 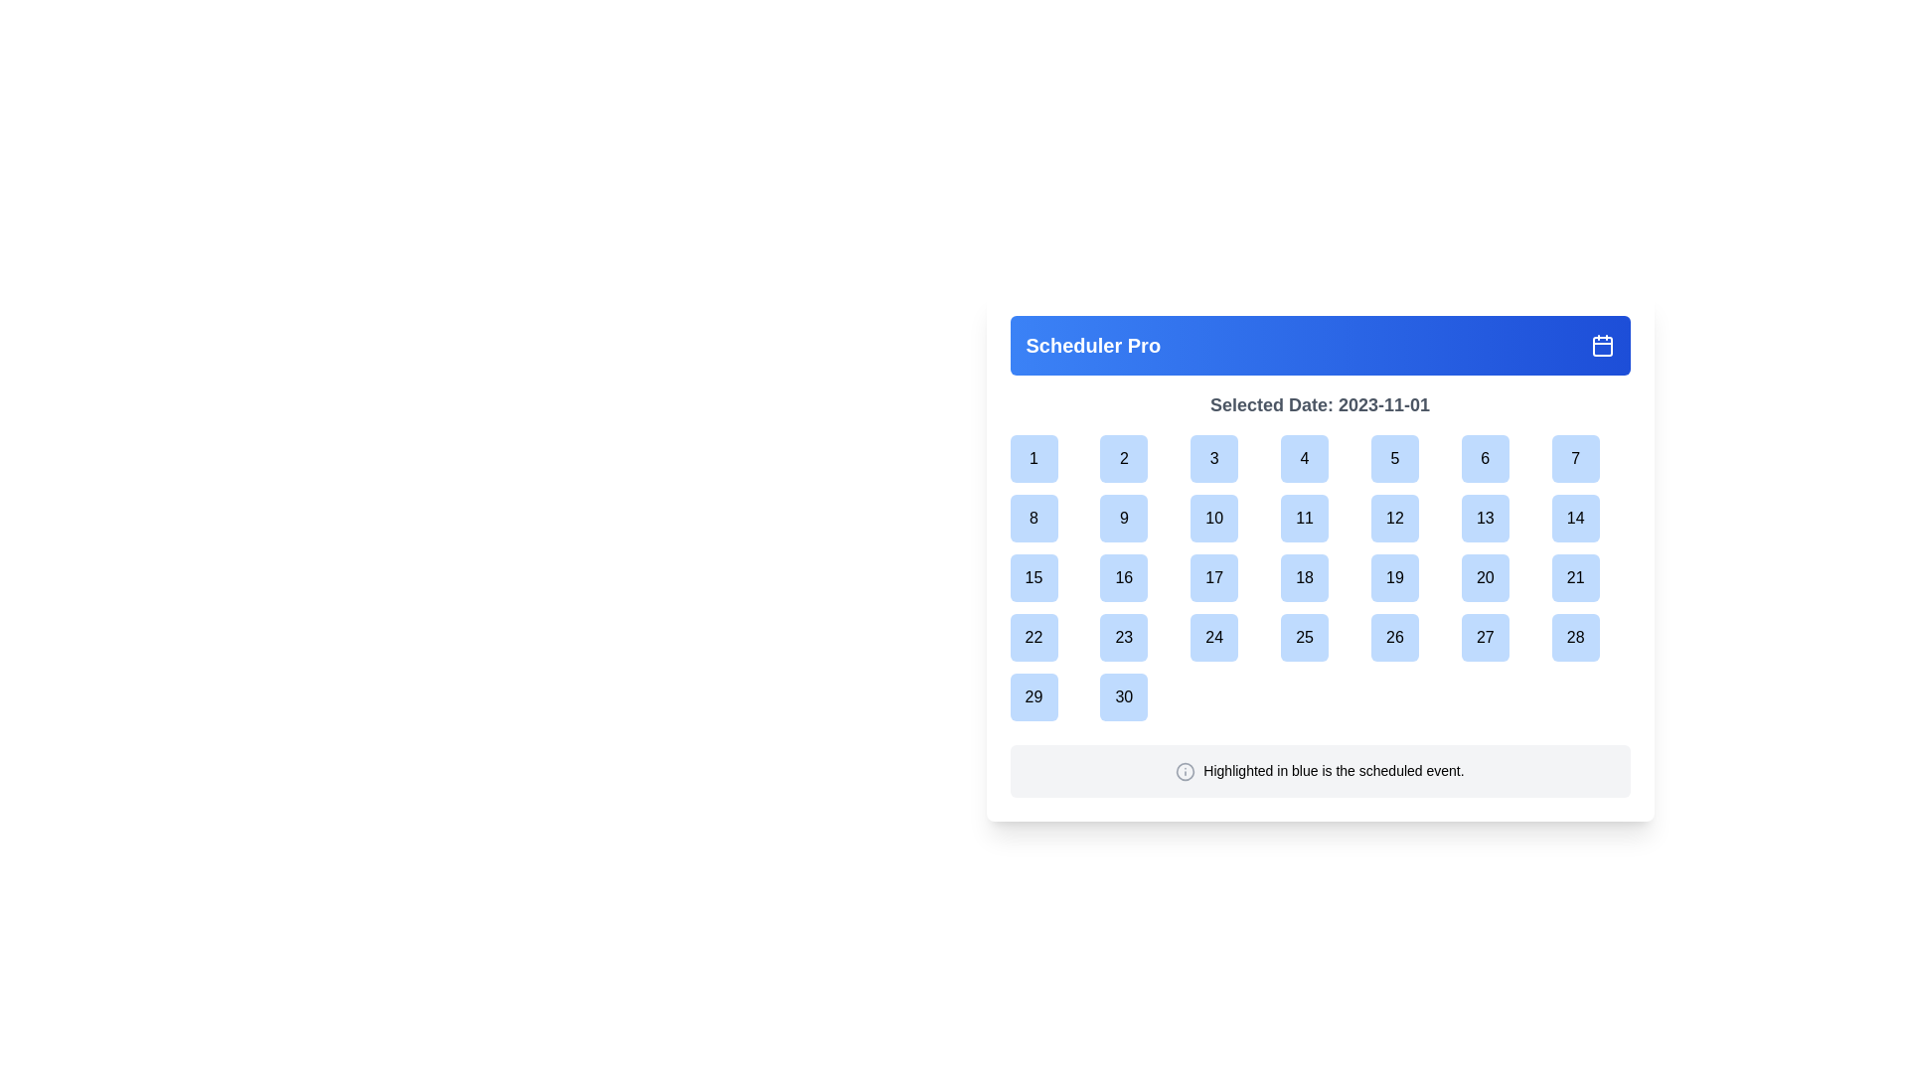 What do you see at coordinates (1228, 459) in the screenshot?
I see `the button representing the date 3 in the calendar` at bounding box center [1228, 459].